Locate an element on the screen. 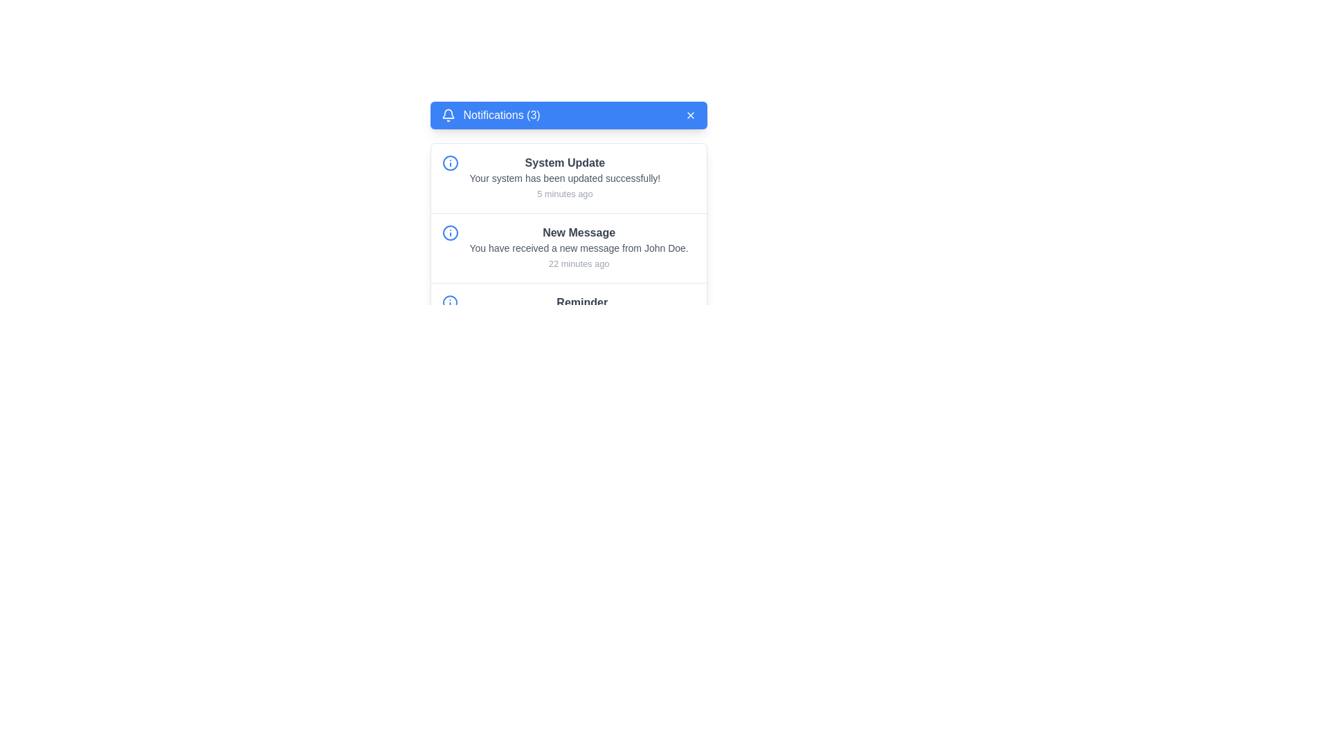 The image size is (1329, 747). the circular information icon with a blue border and blue dot at the top, located in the 'New Message' notification section is located at coordinates (450, 232).